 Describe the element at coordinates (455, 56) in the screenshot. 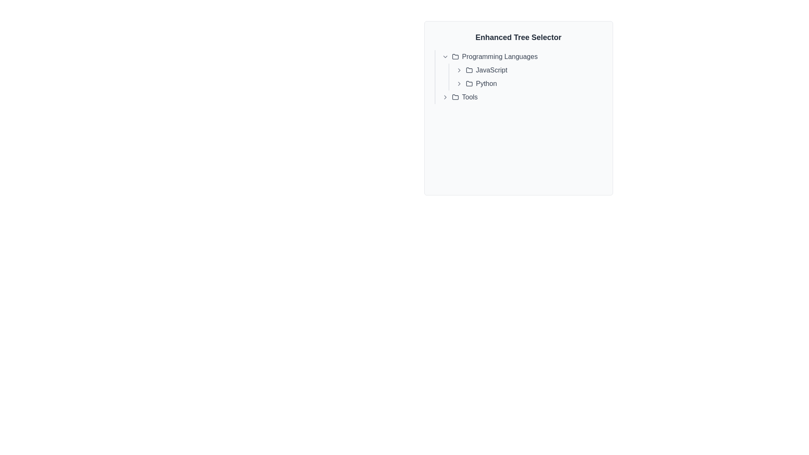

I see `the folder icon` at that location.